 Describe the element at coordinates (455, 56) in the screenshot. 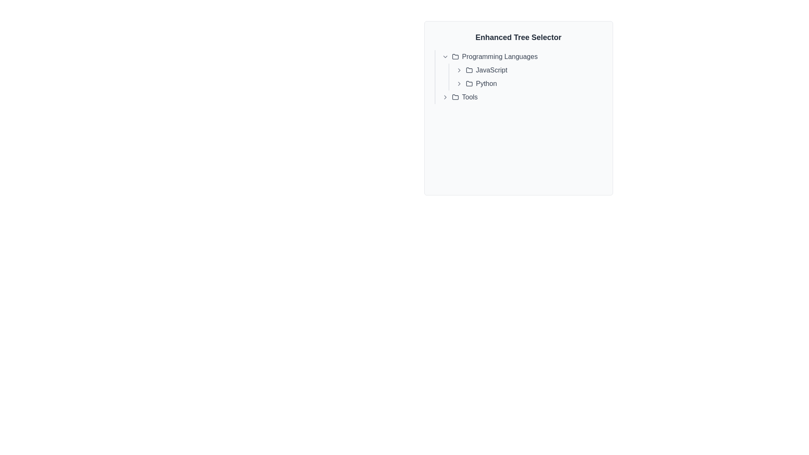

I see `the folder icon` at that location.